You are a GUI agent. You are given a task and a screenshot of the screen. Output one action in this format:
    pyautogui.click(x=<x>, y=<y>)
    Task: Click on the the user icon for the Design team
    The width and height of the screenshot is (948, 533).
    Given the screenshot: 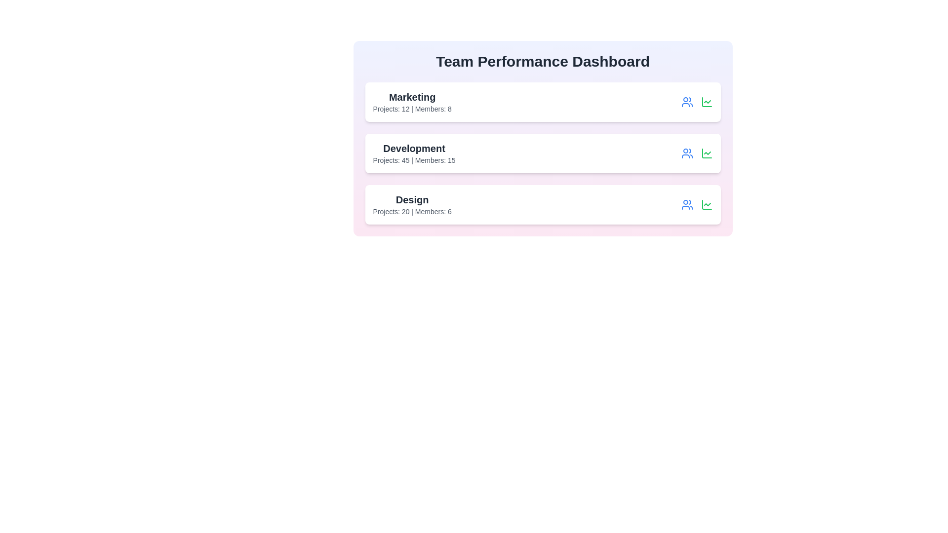 What is the action you would take?
    pyautogui.click(x=686, y=204)
    